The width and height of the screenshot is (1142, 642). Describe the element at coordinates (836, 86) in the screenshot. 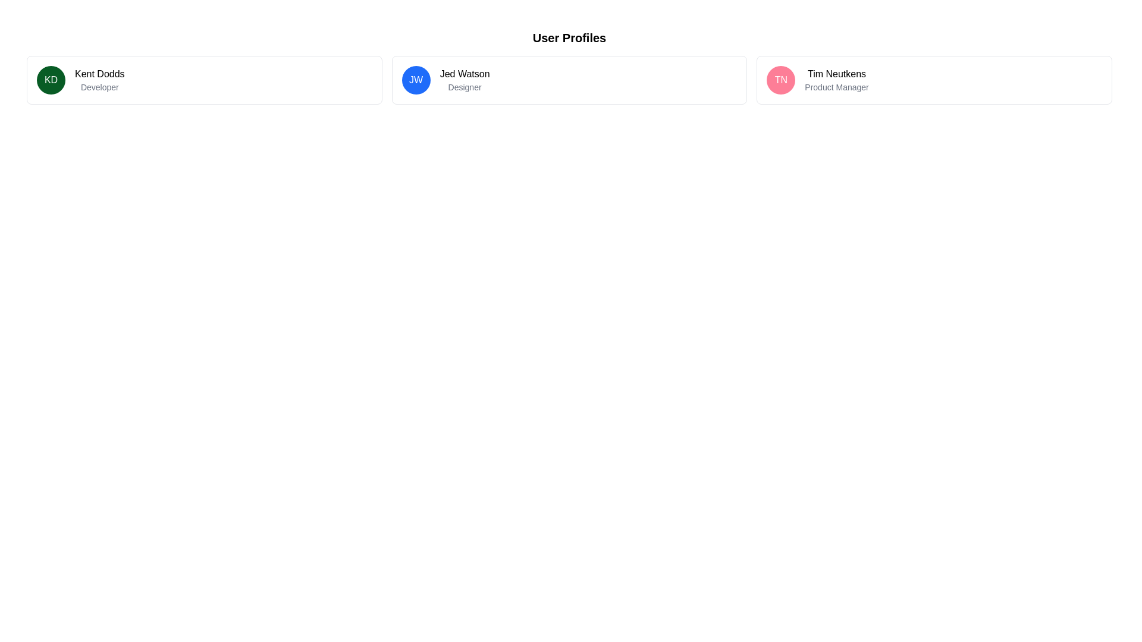

I see `text label providing contextual information about Tim Neutkens located underneath his name in the user profile card` at that location.